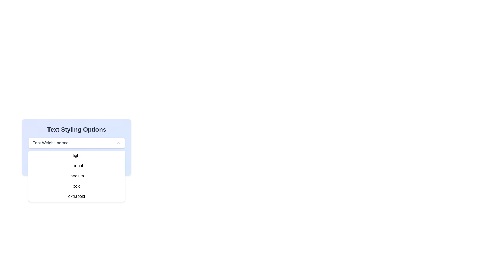 The height and width of the screenshot is (276, 490). What do you see at coordinates (76, 155) in the screenshot?
I see `the 'light' option from the dropdown list under 'Text Styling Options'` at bounding box center [76, 155].